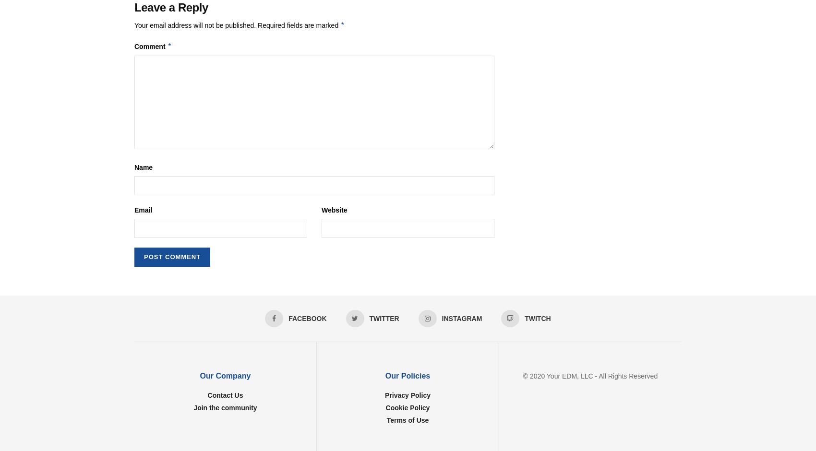  I want to click on 'Website', so click(321, 209).